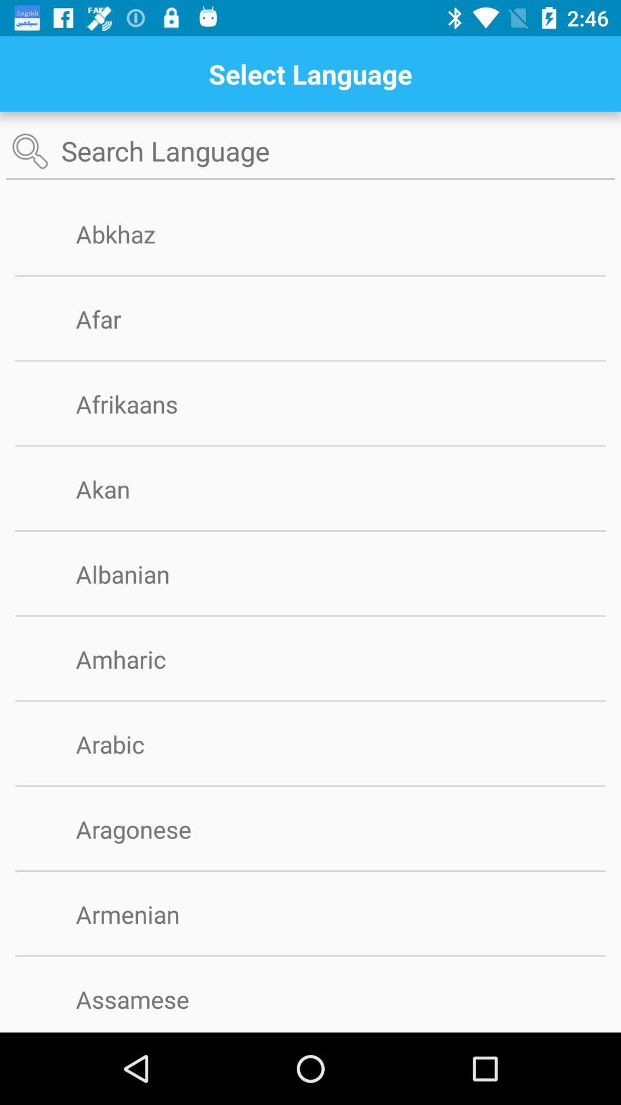 The image size is (621, 1105). I want to click on language option, so click(310, 151).